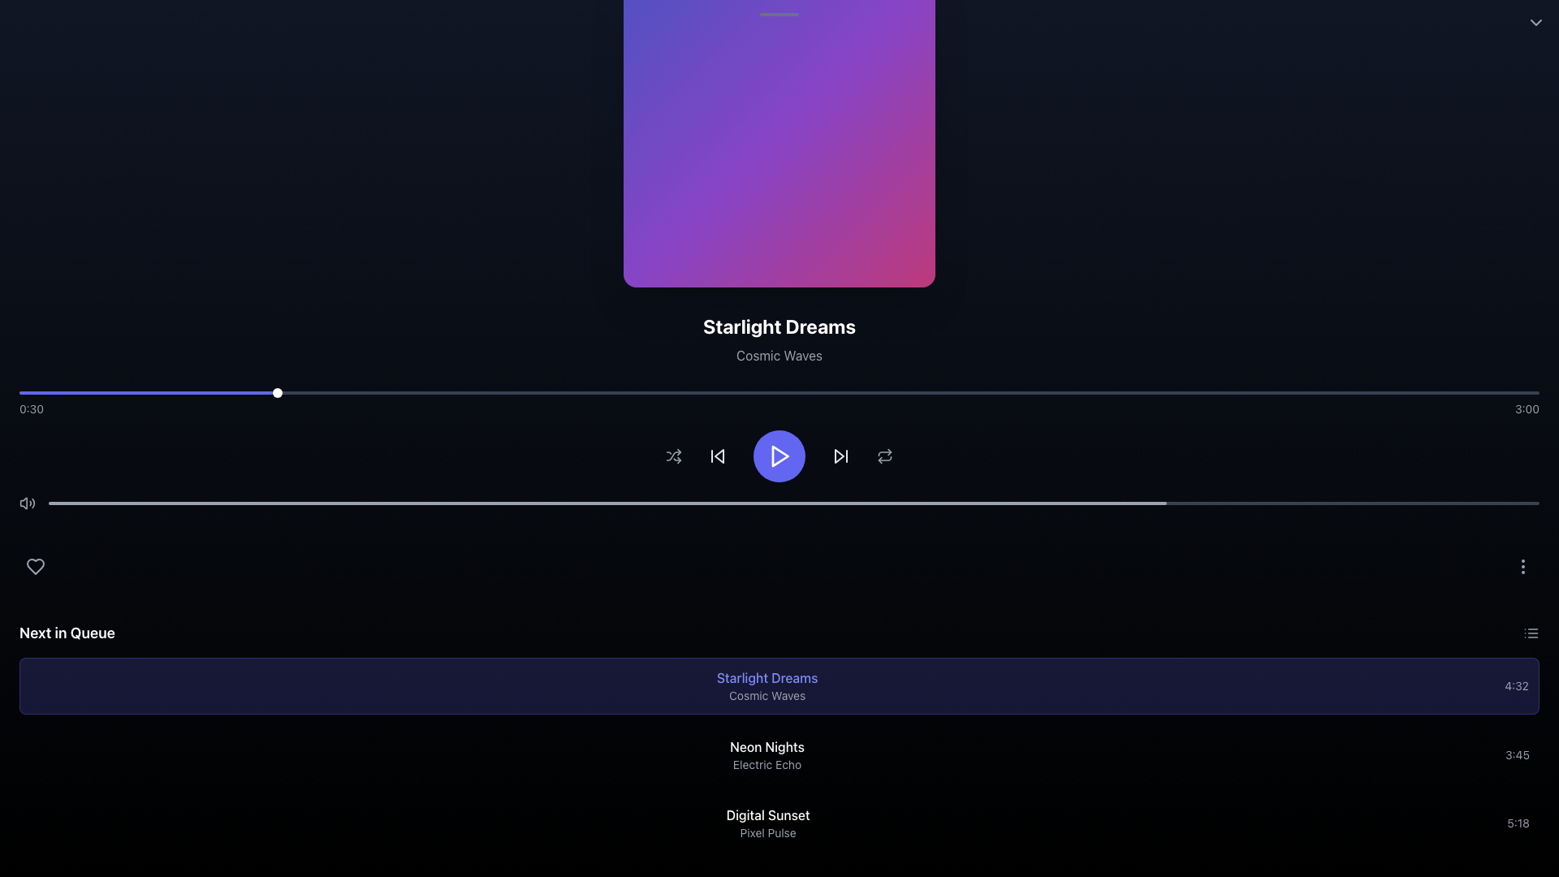 This screenshot has width=1559, height=877. Describe the element at coordinates (794, 503) in the screenshot. I see `the progress bar background located at the bottom of the top section of the interface to interact with its associated functionality` at that location.